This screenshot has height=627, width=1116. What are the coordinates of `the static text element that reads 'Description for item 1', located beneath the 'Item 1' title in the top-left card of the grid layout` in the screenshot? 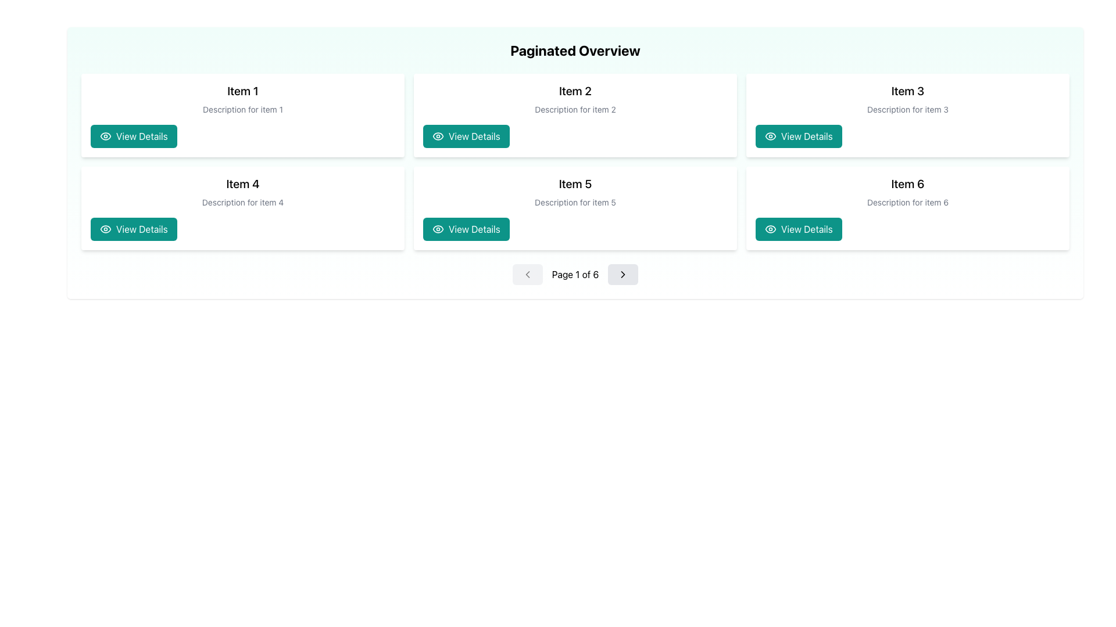 It's located at (242, 110).